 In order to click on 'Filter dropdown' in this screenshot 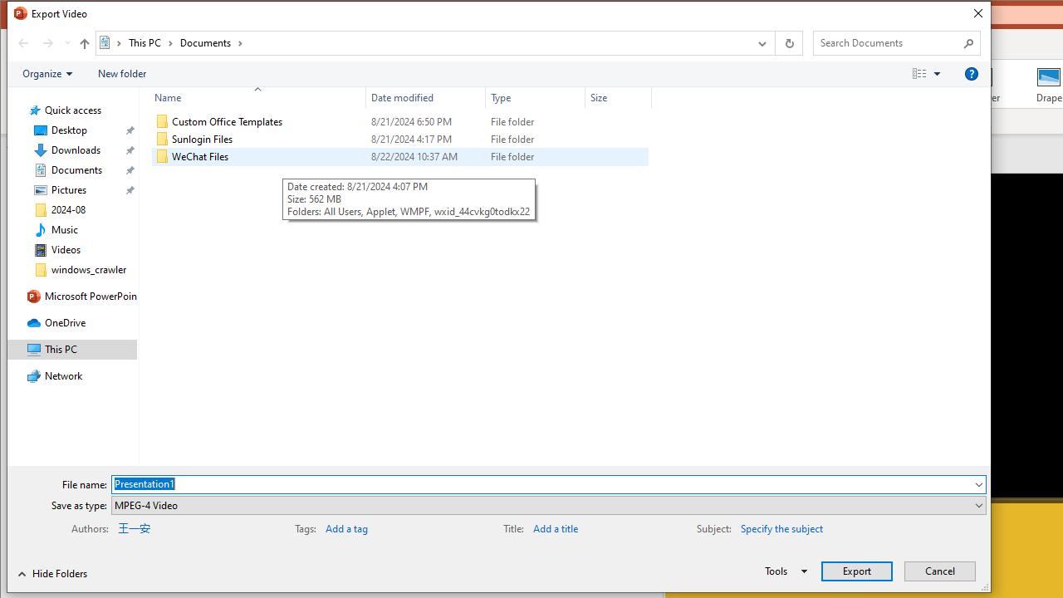, I will do `click(644, 97)`.